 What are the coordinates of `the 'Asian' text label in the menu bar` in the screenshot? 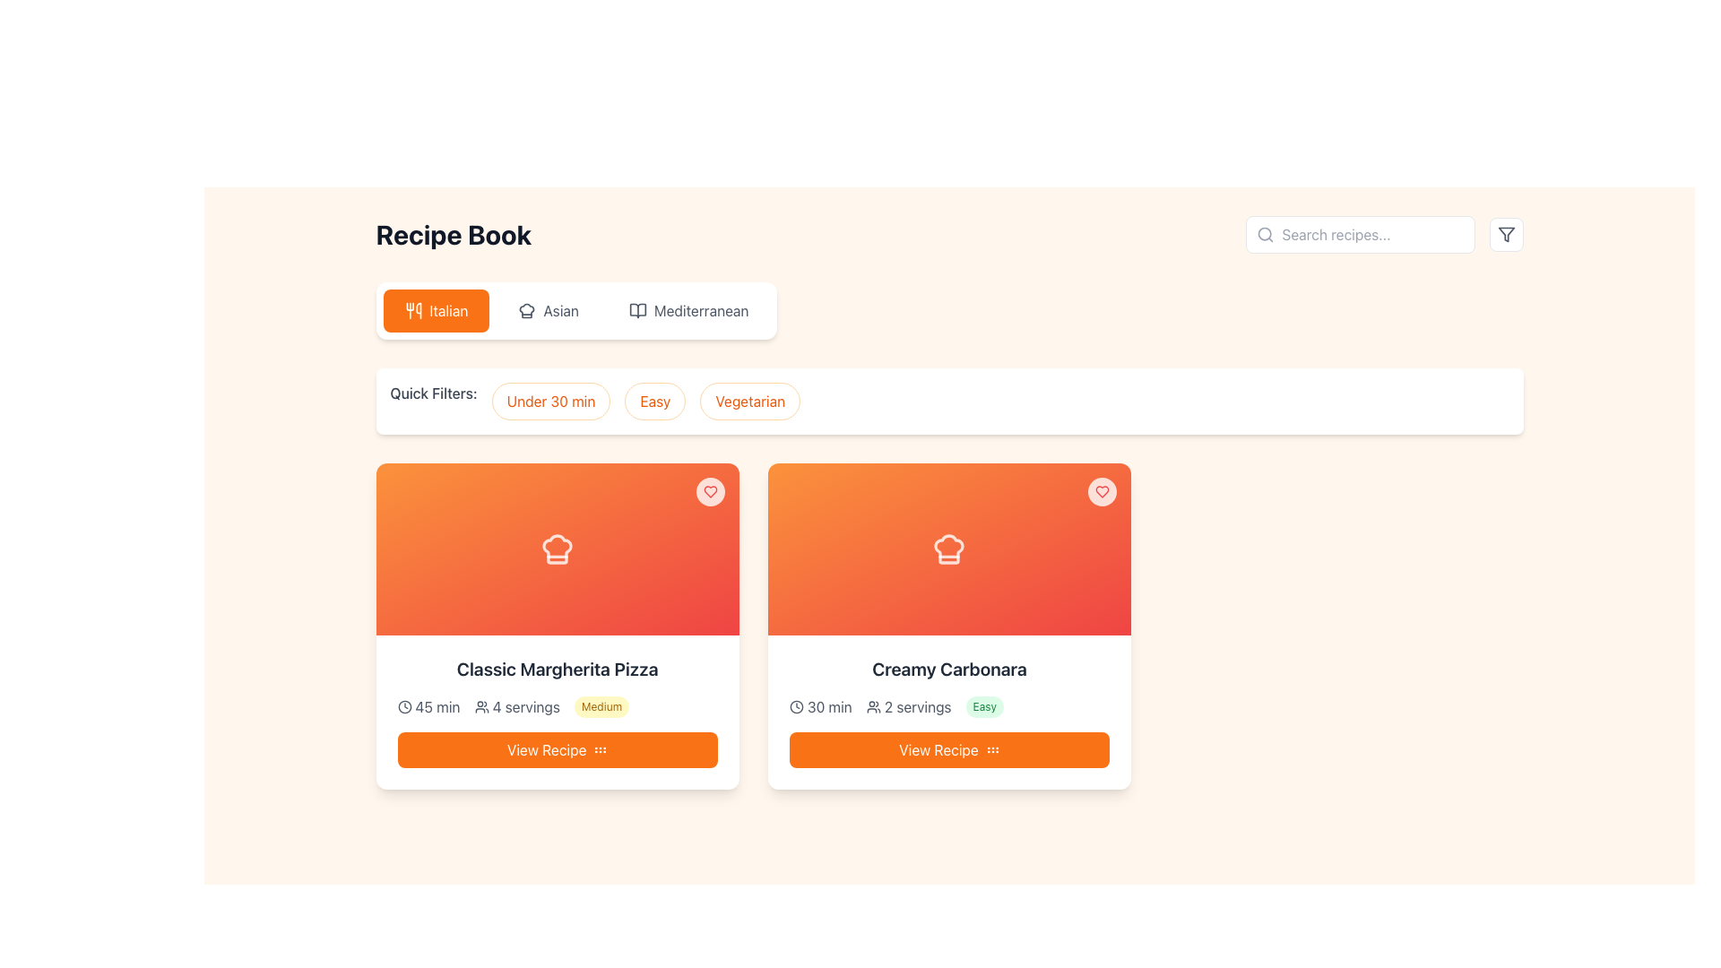 It's located at (560, 310).